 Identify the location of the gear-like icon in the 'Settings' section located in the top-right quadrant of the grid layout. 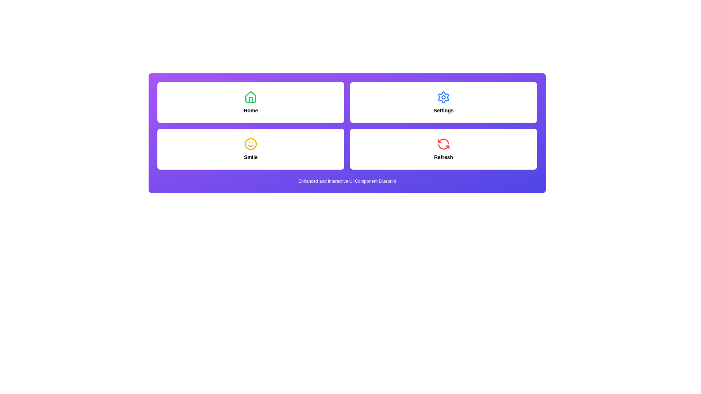
(443, 97).